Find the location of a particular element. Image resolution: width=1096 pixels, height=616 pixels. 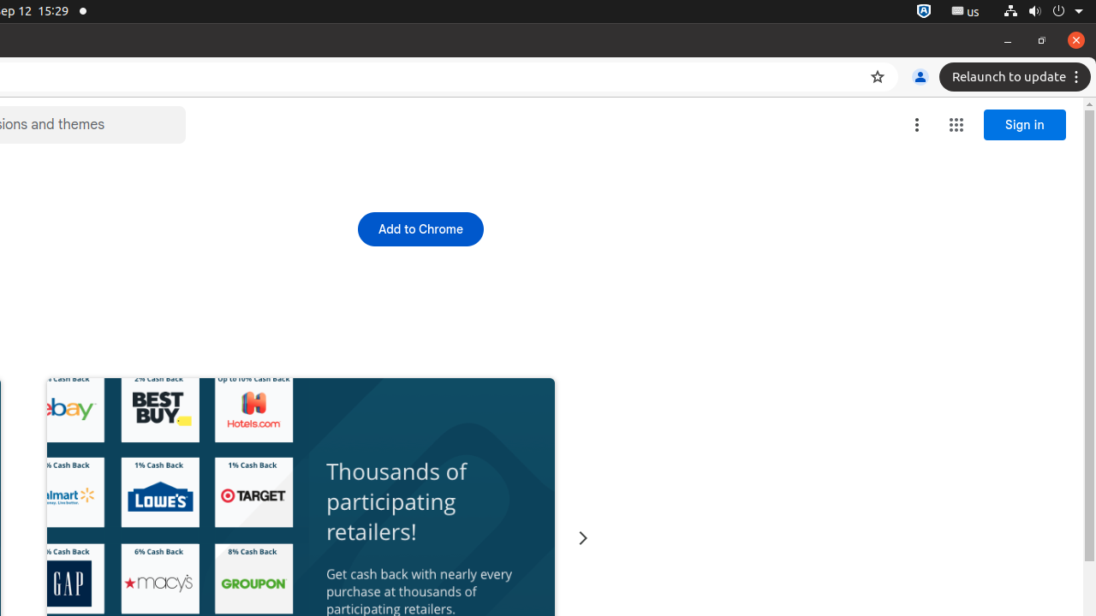

':1.21/StatusNotifierItem' is located at coordinates (965, 11).